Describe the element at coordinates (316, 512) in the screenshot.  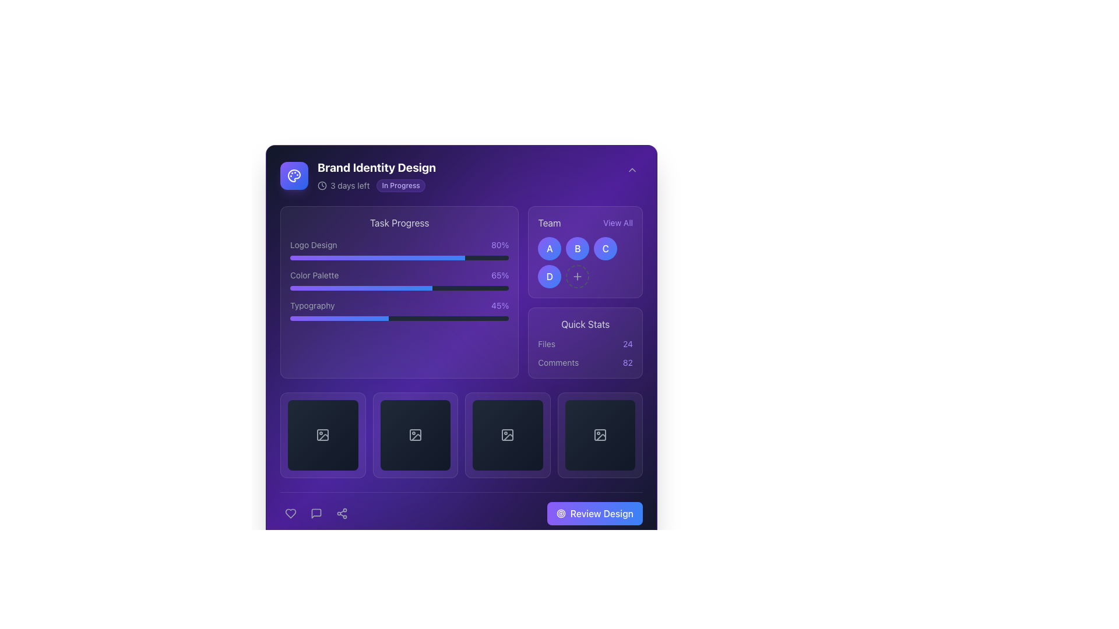
I see `the speech bubble icon located in the lower center of the interface` at that location.